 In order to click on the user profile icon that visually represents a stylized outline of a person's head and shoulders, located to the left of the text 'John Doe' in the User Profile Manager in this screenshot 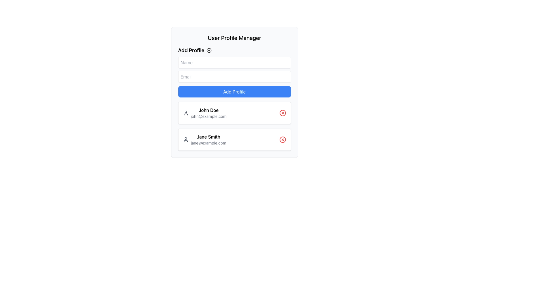, I will do `click(186, 113)`.